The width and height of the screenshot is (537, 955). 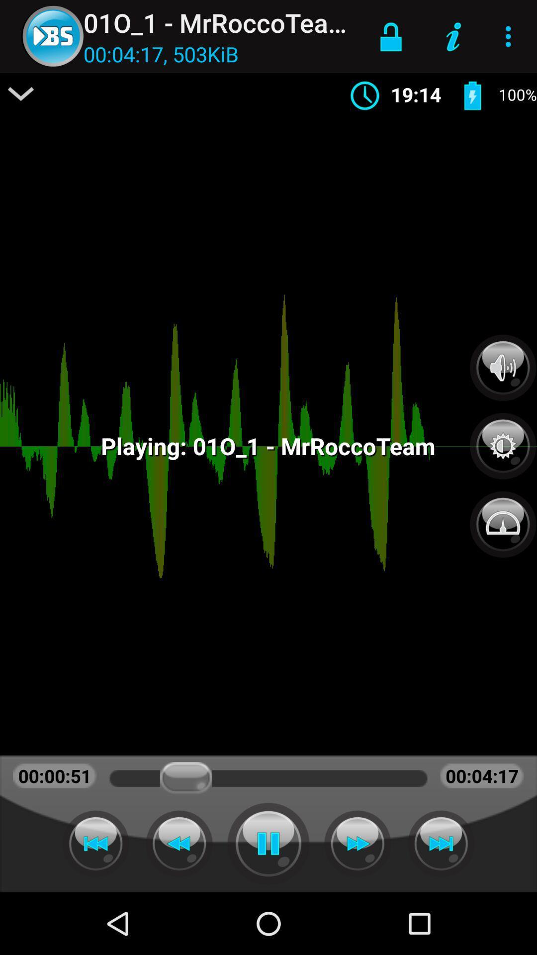 What do you see at coordinates (390, 36) in the screenshot?
I see `item to the right of 01o_1 - mrroccoteam app` at bounding box center [390, 36].